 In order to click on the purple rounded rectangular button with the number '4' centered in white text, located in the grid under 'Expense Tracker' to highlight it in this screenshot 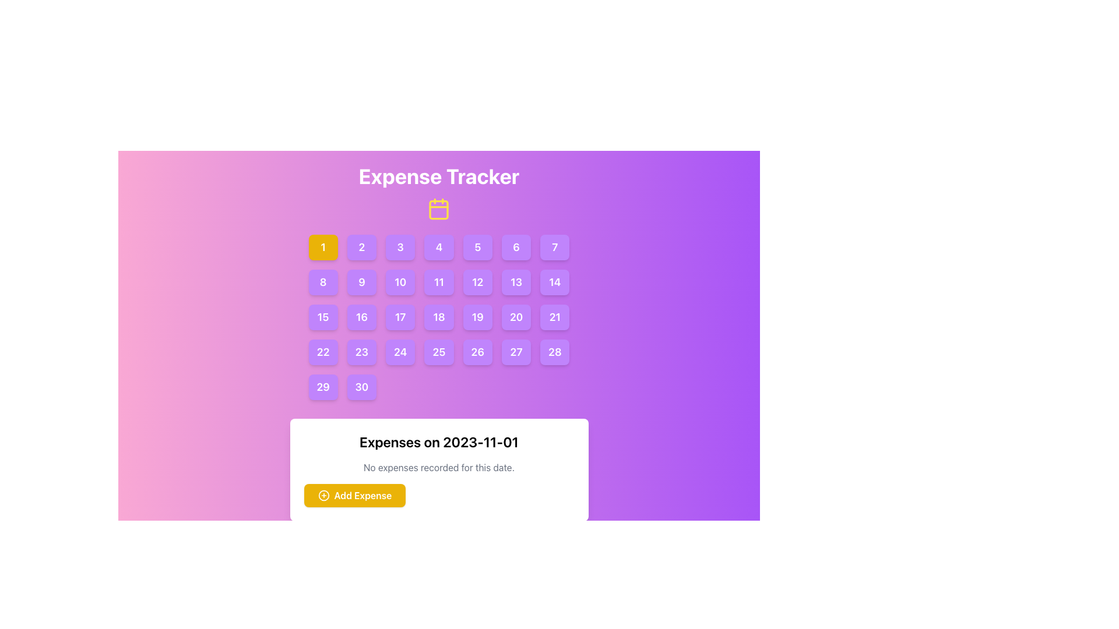, I will do `click(438, 246)`.